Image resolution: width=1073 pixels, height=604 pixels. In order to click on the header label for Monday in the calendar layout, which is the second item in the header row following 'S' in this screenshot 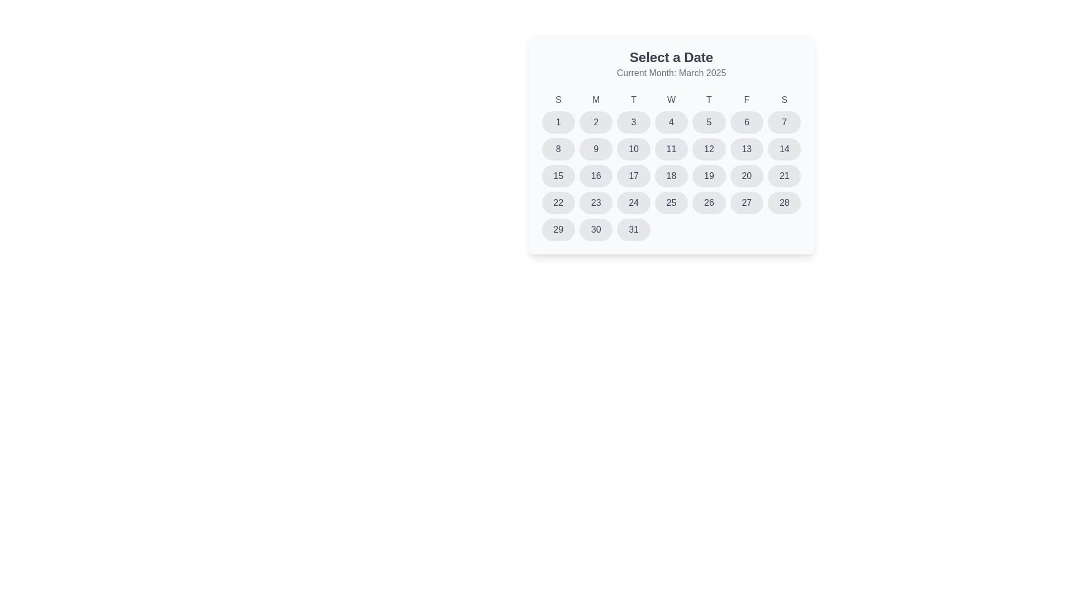, I will do `click(595, 99)`.